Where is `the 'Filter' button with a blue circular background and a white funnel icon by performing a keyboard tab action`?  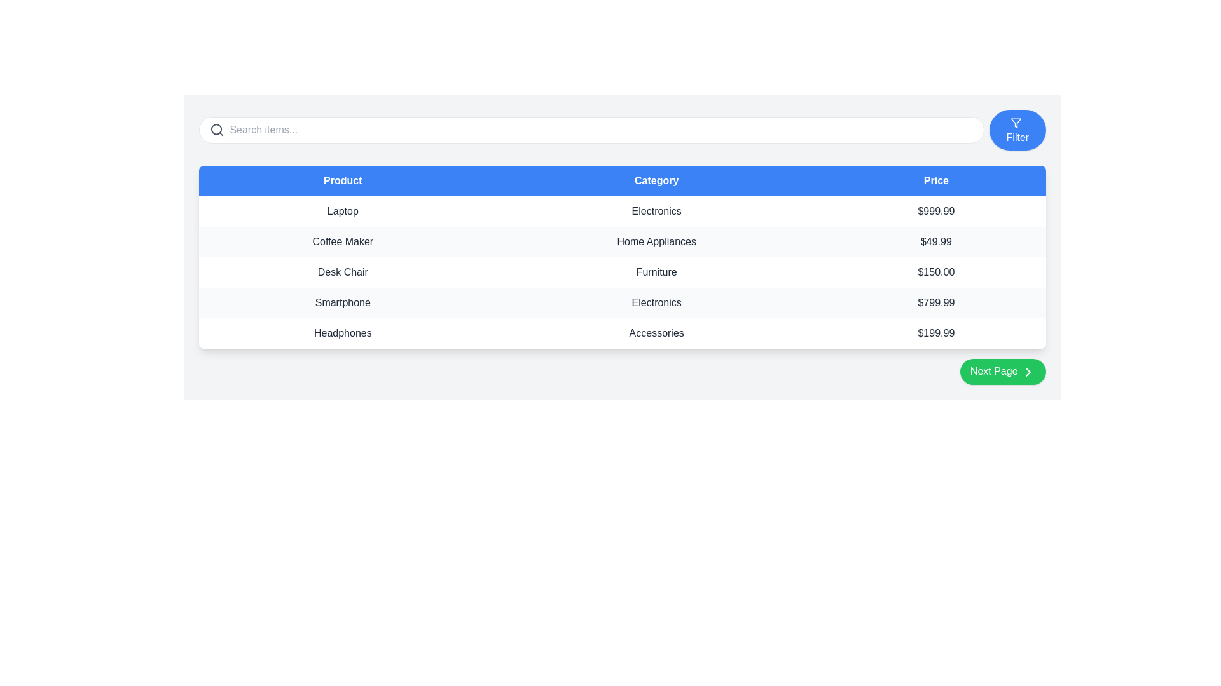 the 'Filter' button with a blue circular background and a white funnel icon by performing a keyboard tab action is located at coordinates (1018, 130).